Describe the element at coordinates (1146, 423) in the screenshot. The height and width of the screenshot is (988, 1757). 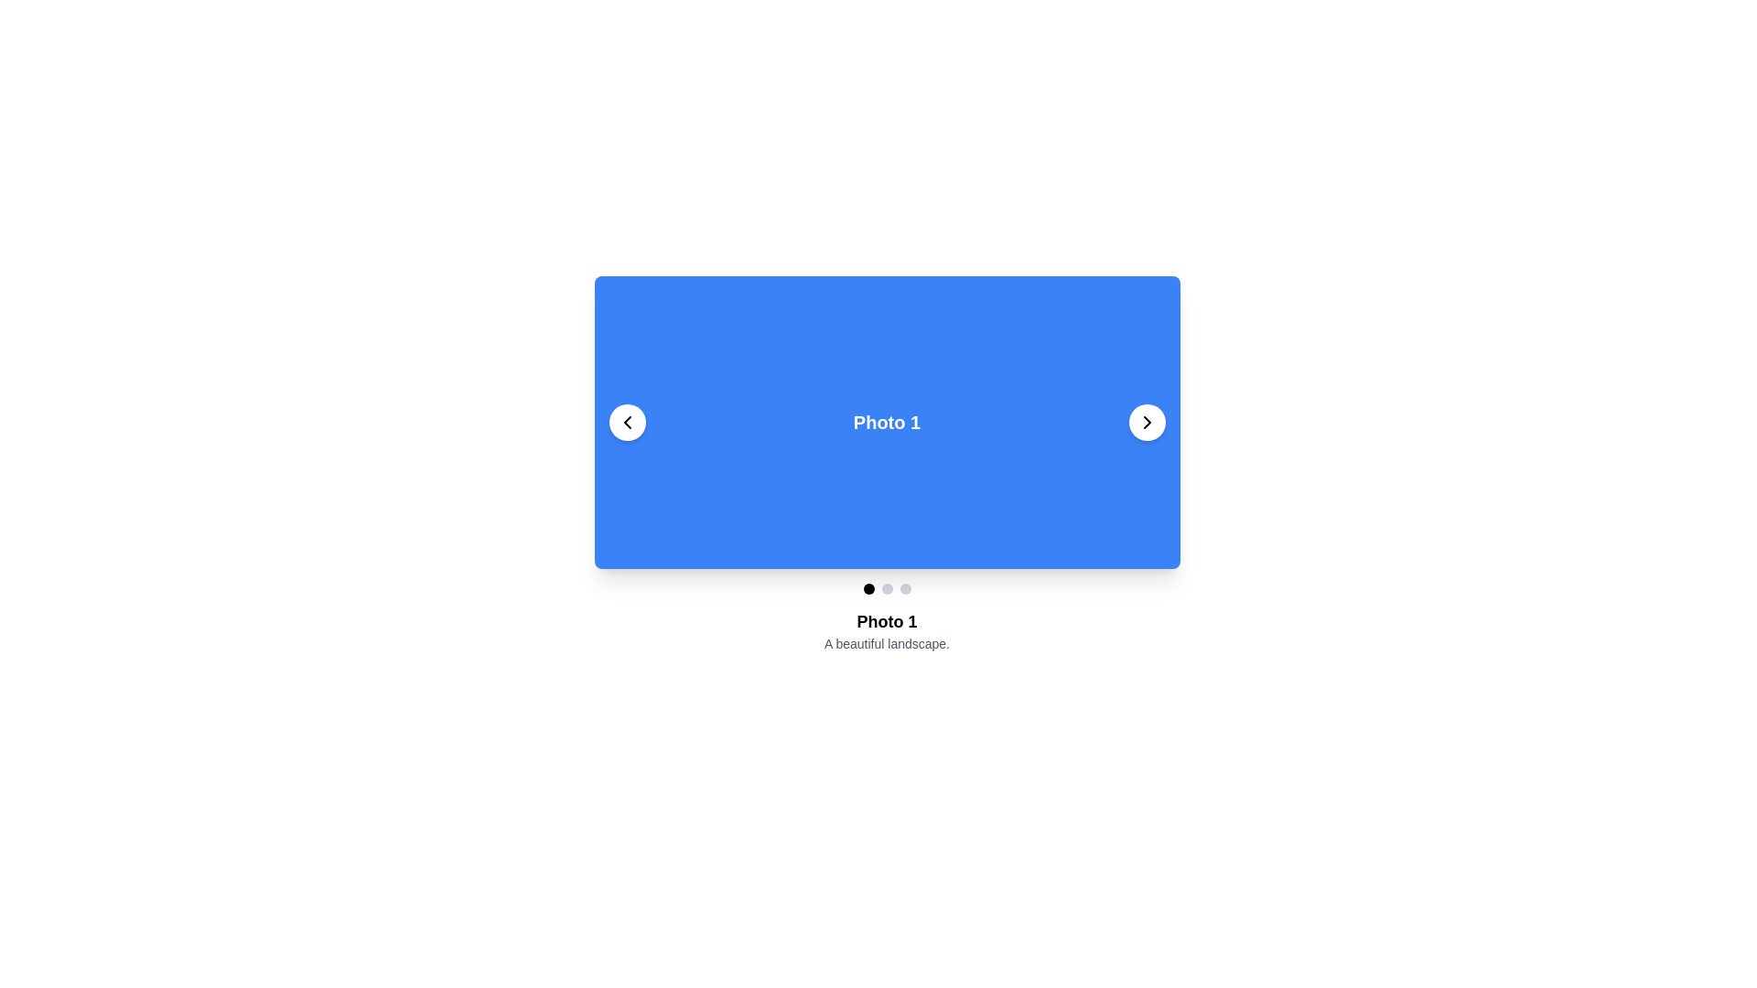
I see `the arrow navigation button located at the far right side of the blue overlay with the title 'Photo 1'` at that location.